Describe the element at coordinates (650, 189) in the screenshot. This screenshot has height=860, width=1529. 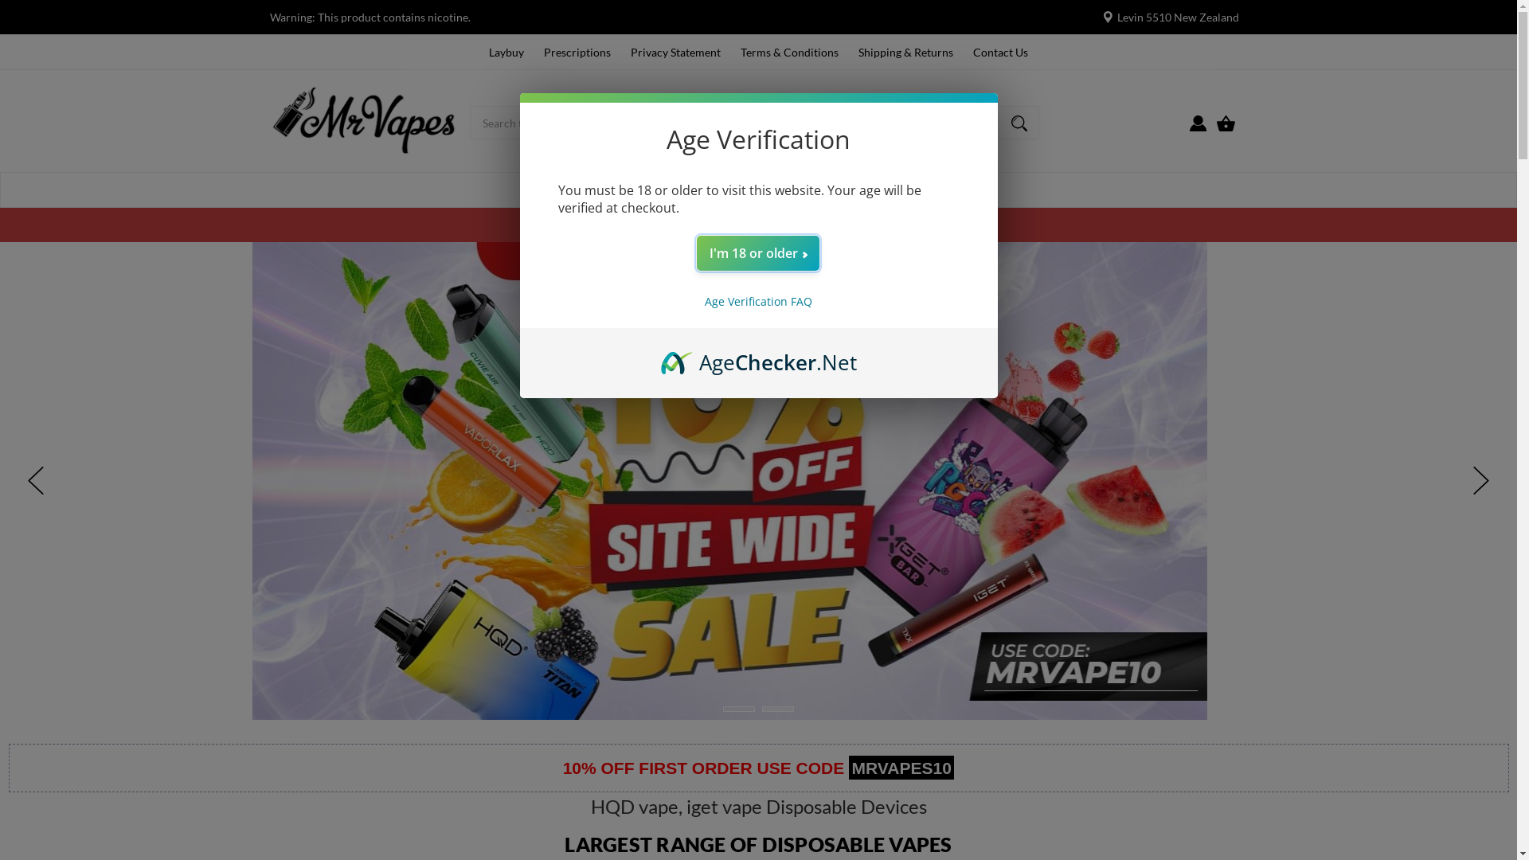
I see `'Disposable Vapes'` at that location.